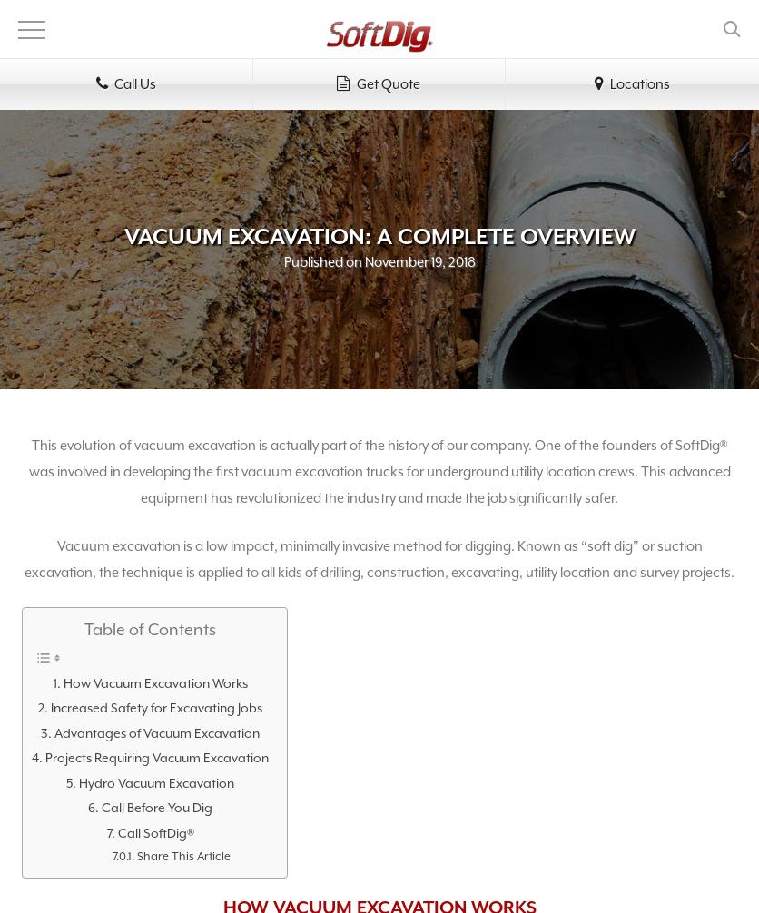 This screenshot has height=913, width=759. I want to click on 'Vacuum excavation is a low impact, minimally invasive method for digging. Known as “soft dig” or suction excavation, the technique is applied to all kids of drilling, construction, excavating, utility location and survey projects.', so click(379, 557).